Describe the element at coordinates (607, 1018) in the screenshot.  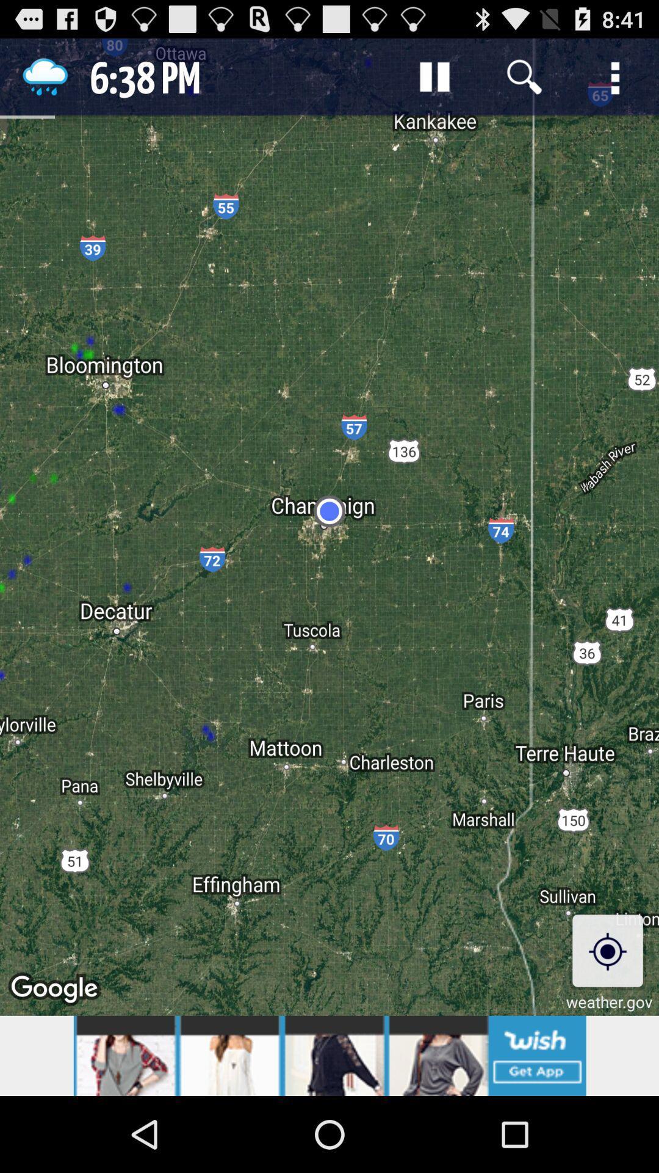
I see `the location_crosshair icon` at that location.